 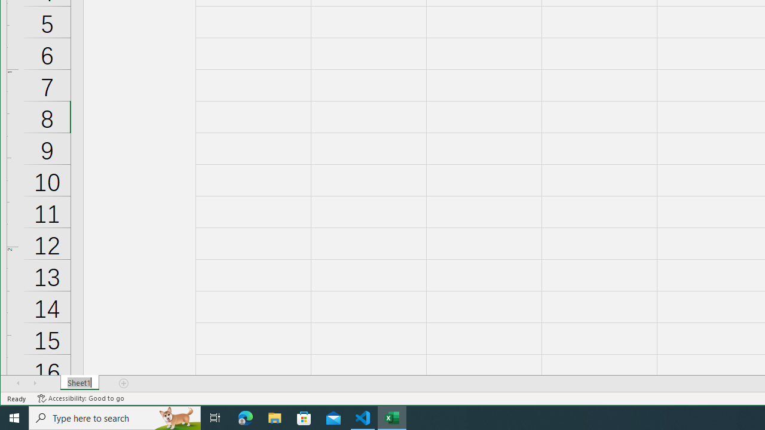 What do you see at coordinates (176, 417) in the screenshot?
I see `'Search highlights icon opens search home window'` at bounding box center [176, 417].